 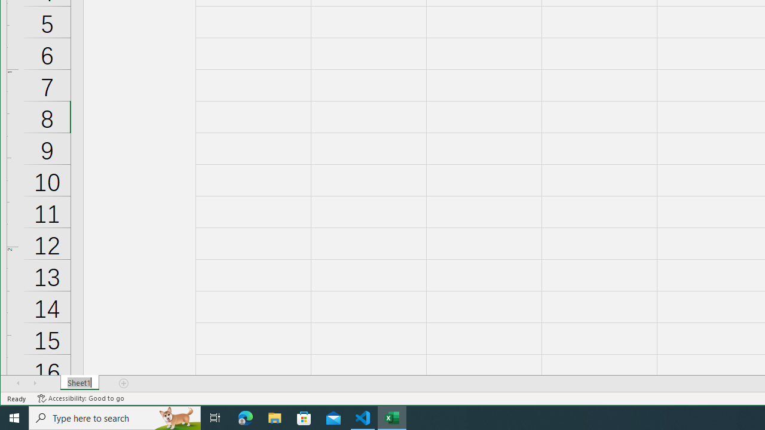 What do you see at coordinates (176, 417) in the screenshot?
I see `'Search highlights icon opens search home window'` at bounding box center [176, 417].